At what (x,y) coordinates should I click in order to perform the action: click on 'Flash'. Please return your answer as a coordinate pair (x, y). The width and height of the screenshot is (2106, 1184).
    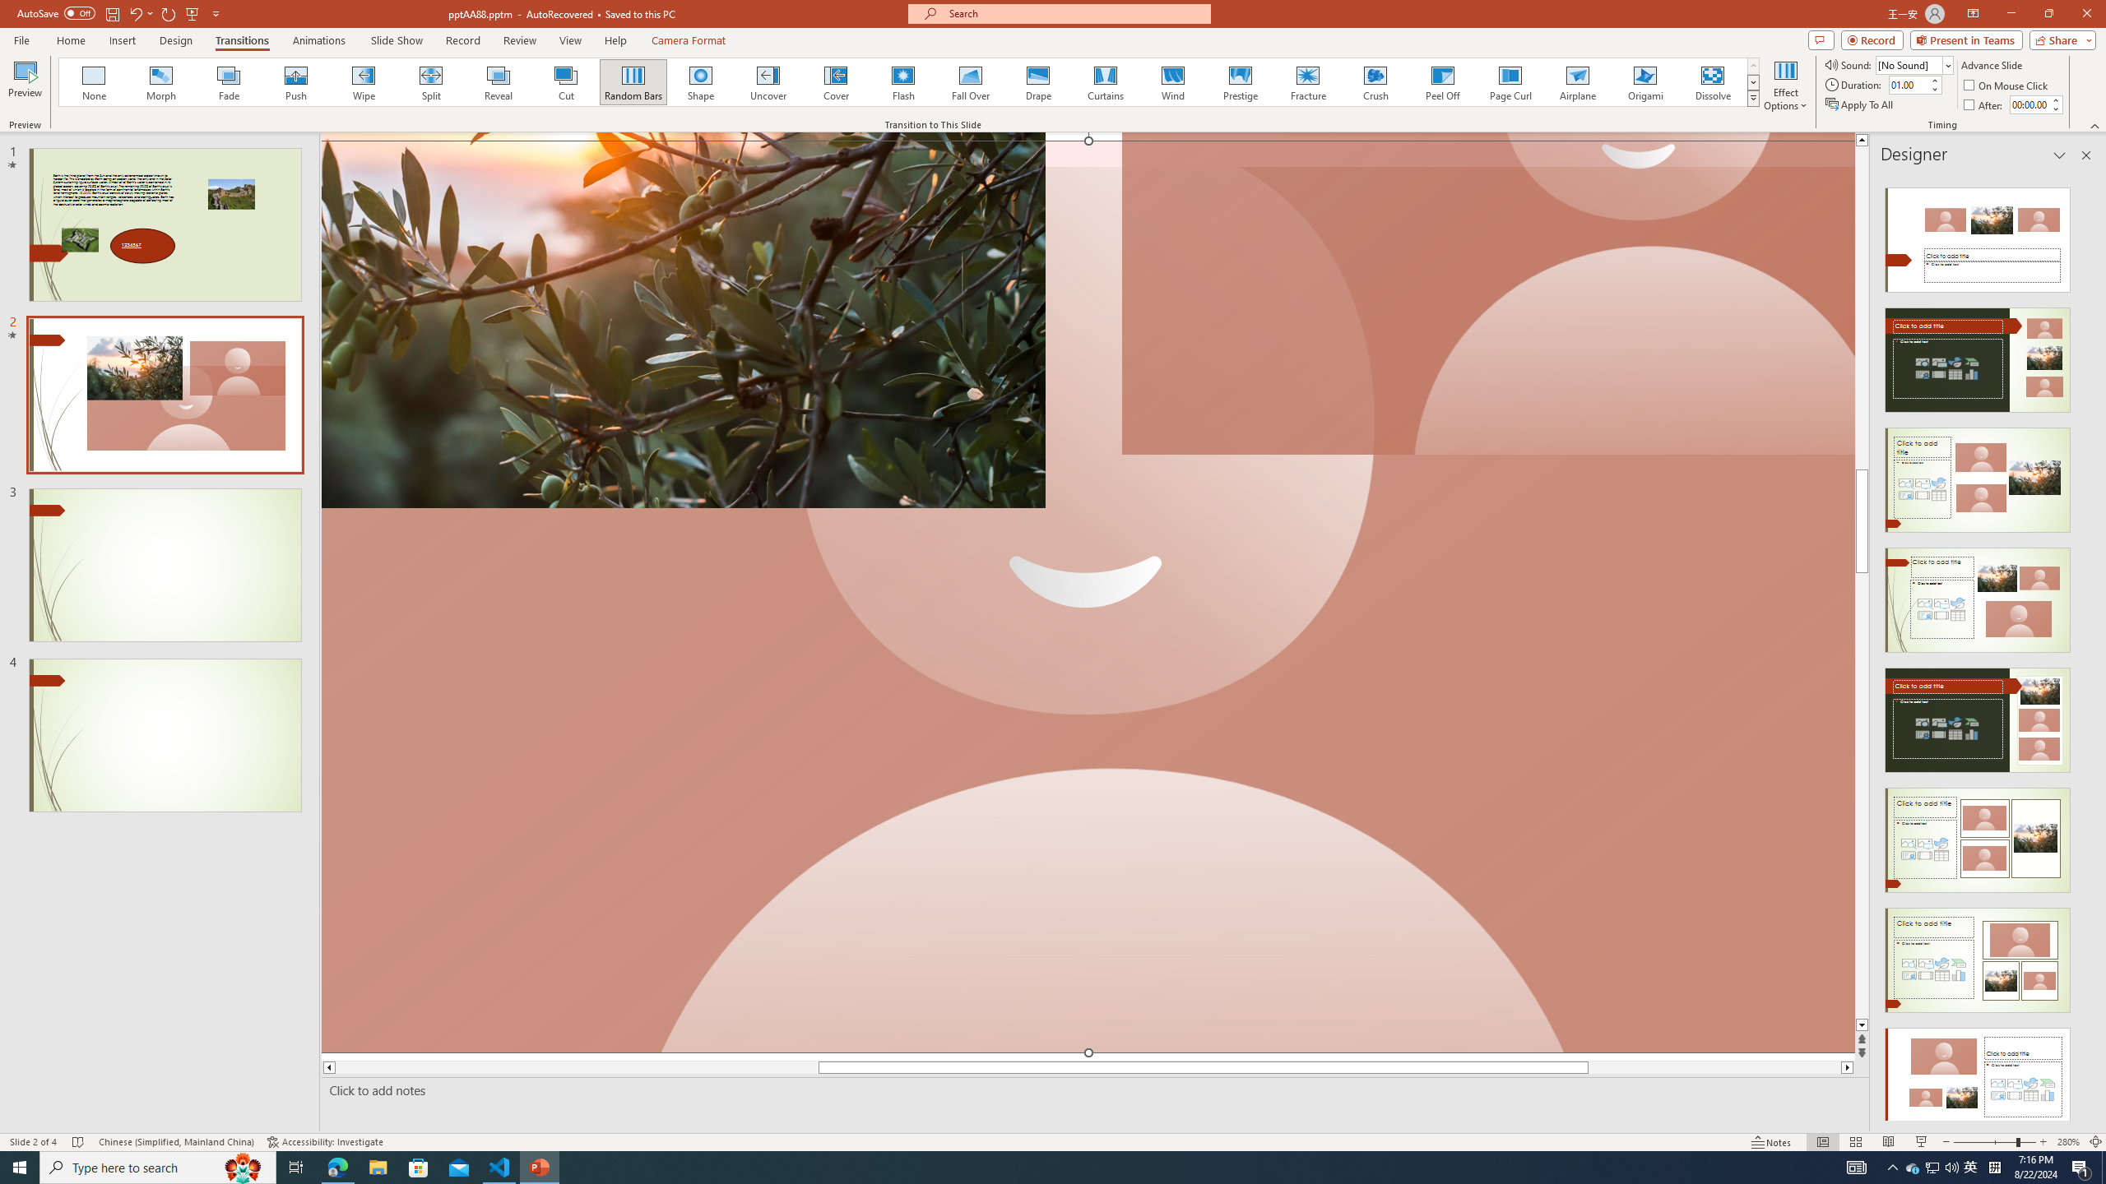
    Looking at the image, I should click on (902, 81).